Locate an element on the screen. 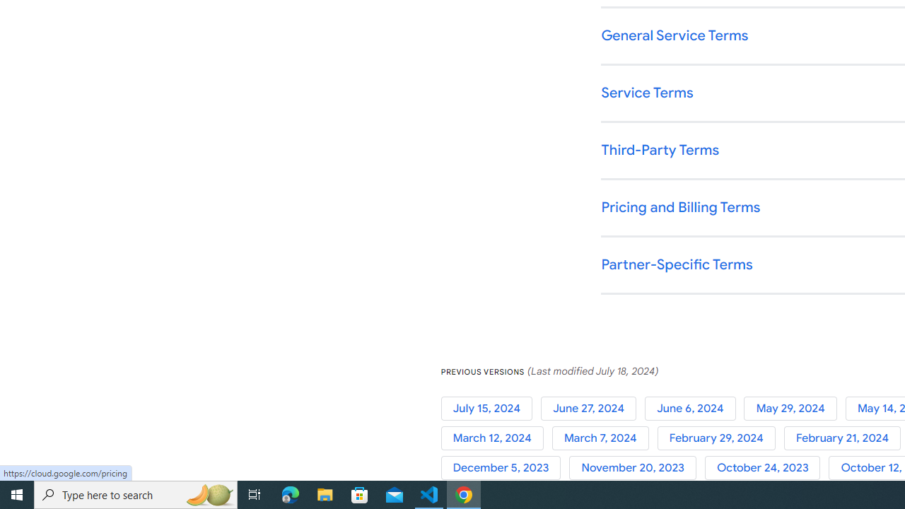 This screenshot has width=905, height=509. 'March 12, 2024' is located at coordinates (496, 438).